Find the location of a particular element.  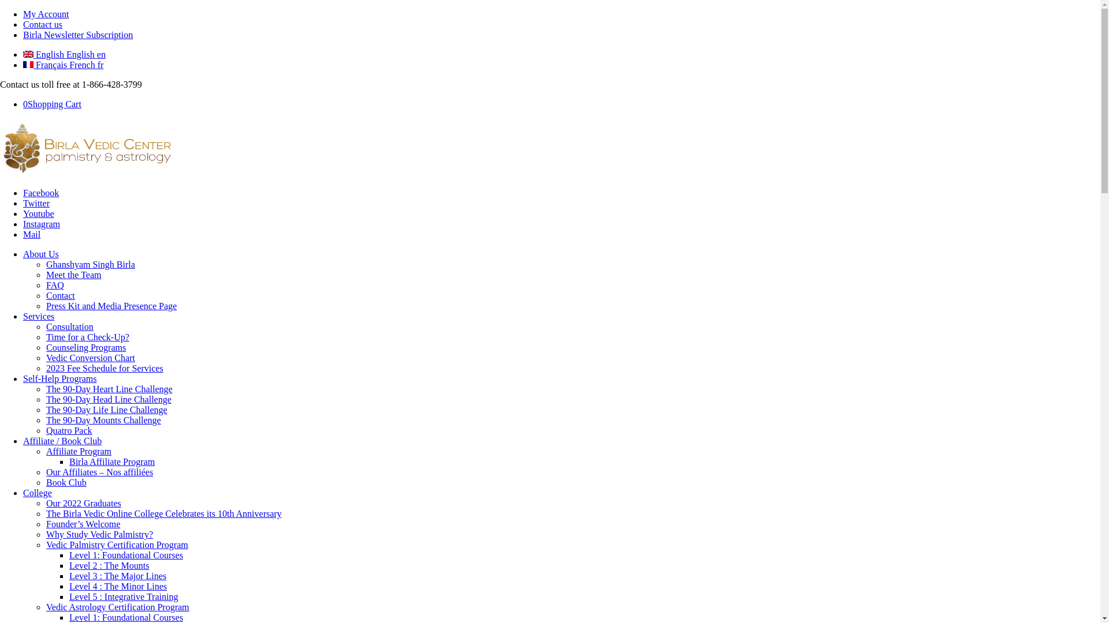

'Services' is located at coordinates (39, 316).